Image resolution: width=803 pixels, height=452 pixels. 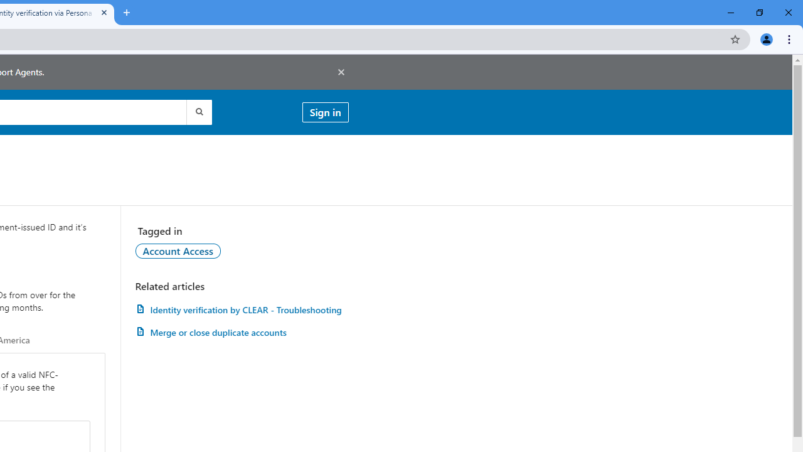 I want to click on 'Account Access', so click(x=177, y=250).